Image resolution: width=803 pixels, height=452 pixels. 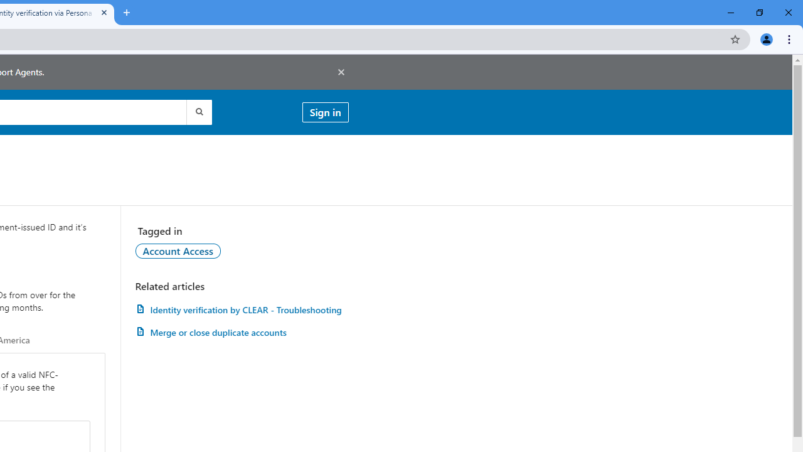 I want to click on 'Account Access', so click(x=177, y=250).